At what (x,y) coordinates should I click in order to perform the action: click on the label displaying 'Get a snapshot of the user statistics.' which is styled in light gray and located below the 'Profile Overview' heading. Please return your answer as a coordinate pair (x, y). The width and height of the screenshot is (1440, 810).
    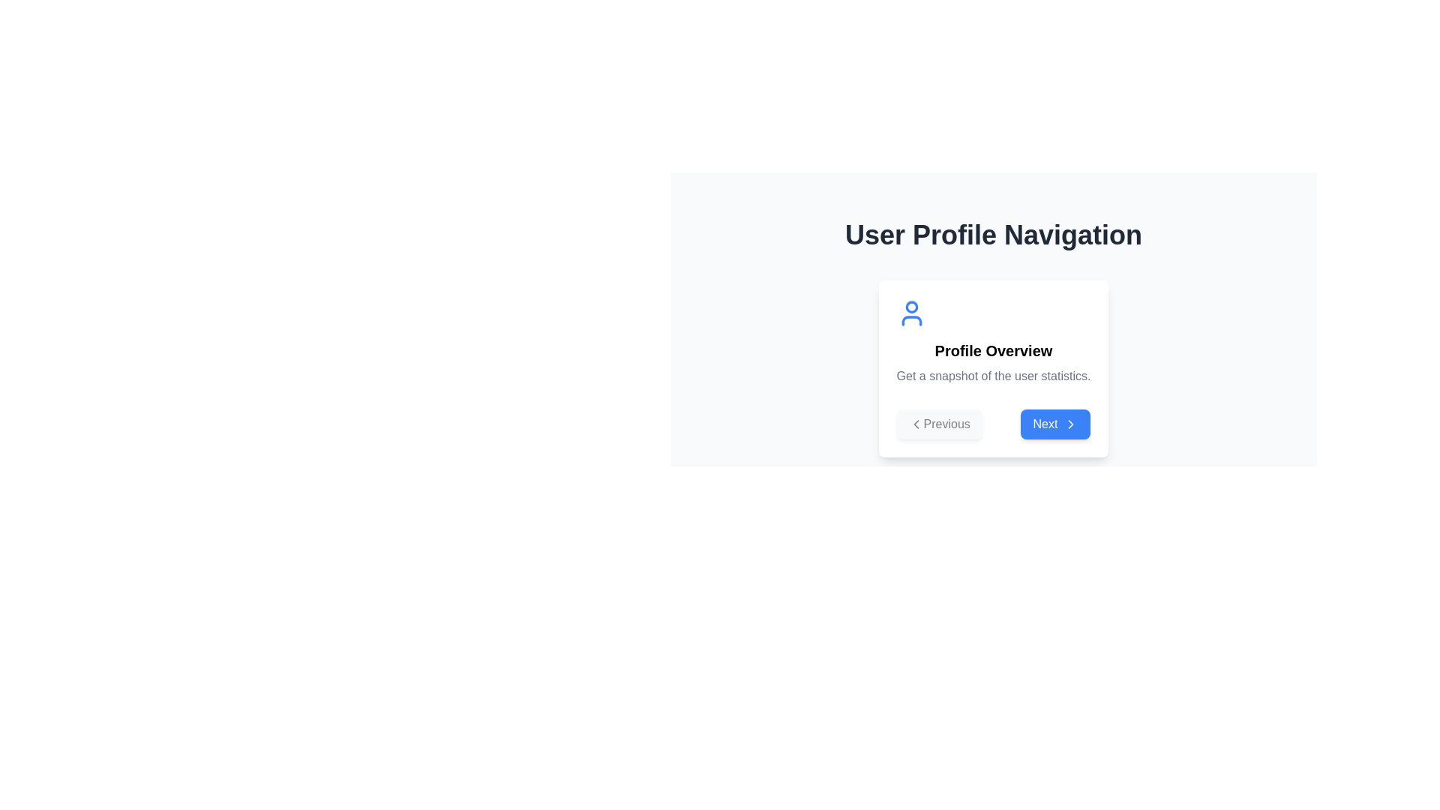
    Looking at the image, I should click on (993, 375).